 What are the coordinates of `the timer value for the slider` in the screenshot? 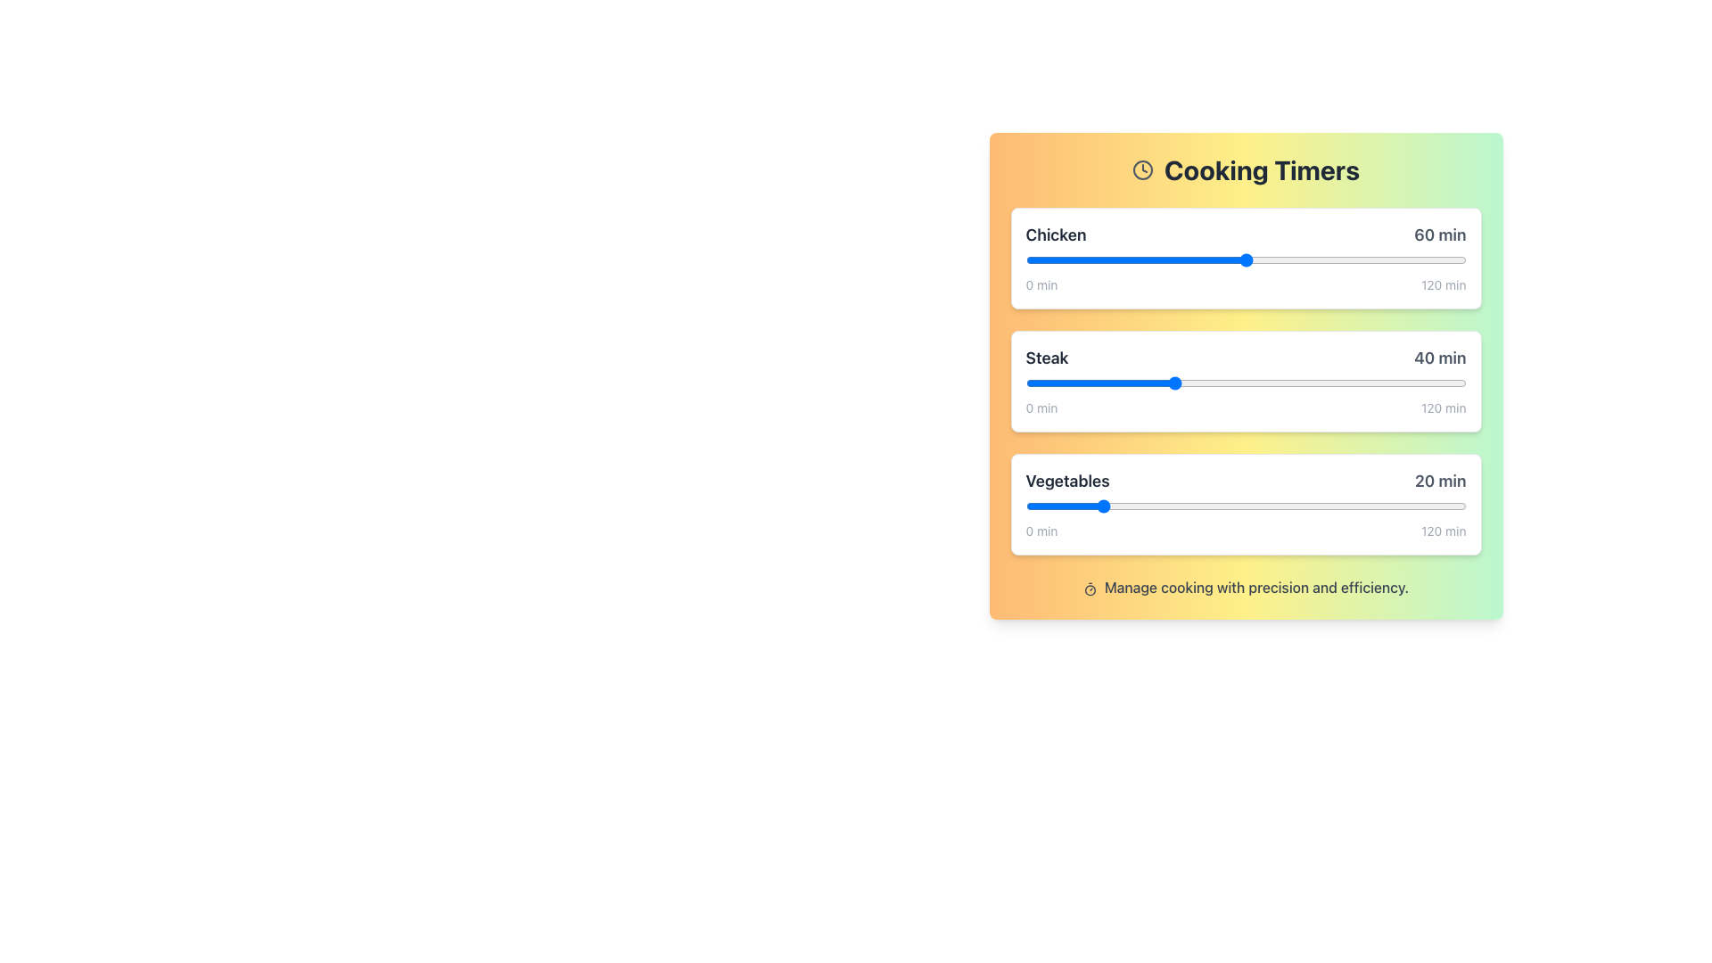 It's located at (1069, 382).